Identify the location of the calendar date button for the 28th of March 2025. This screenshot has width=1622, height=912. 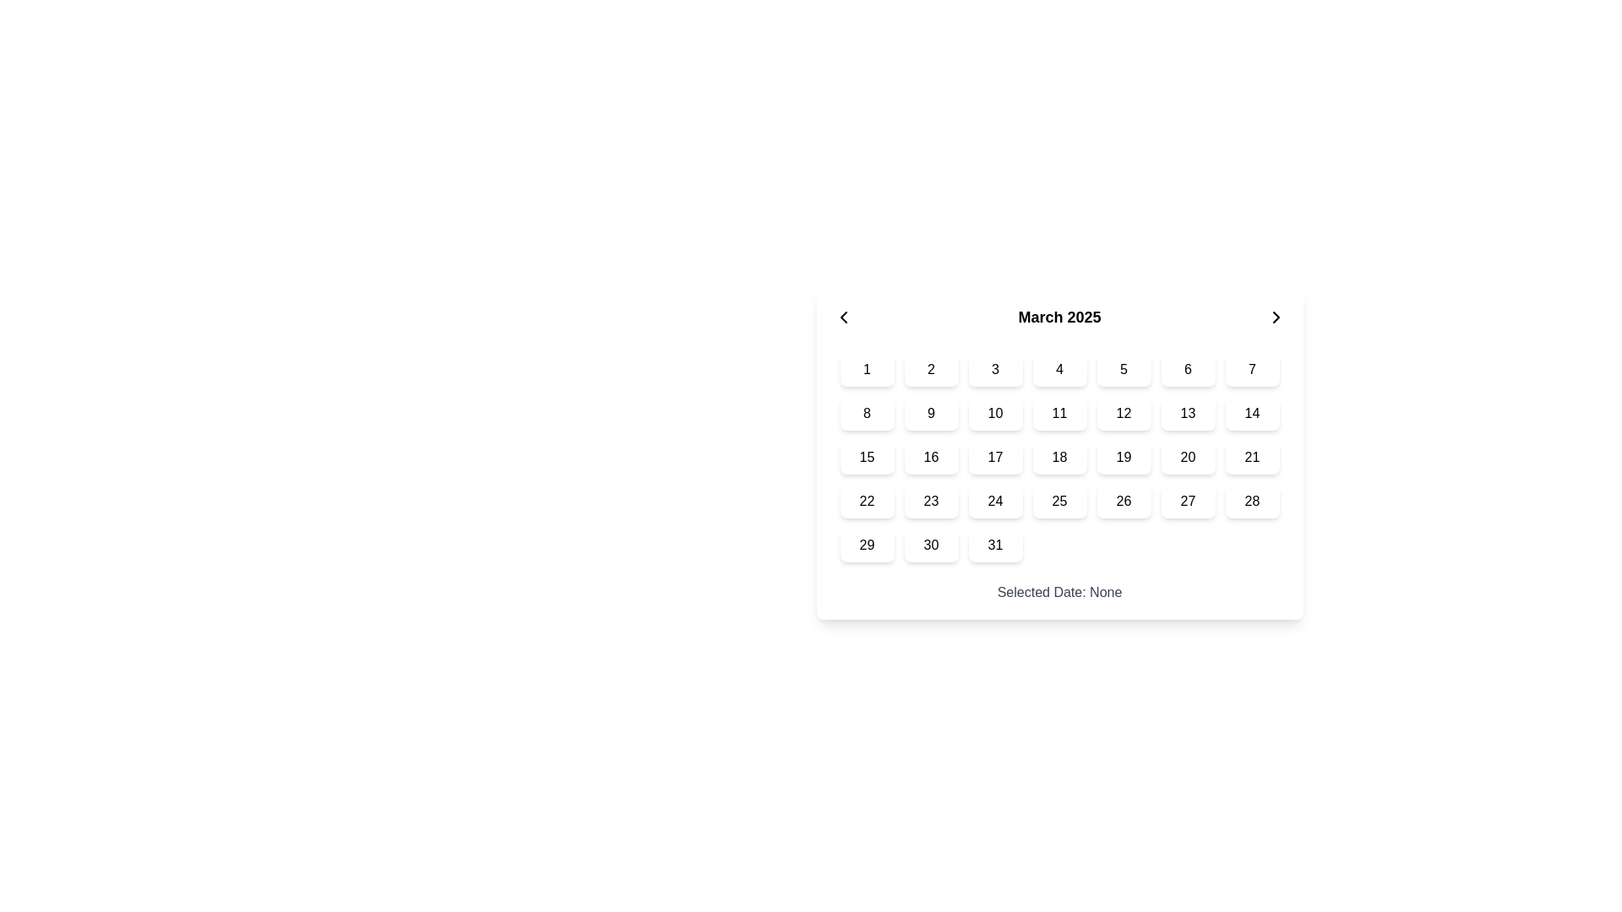
(1252, 501).